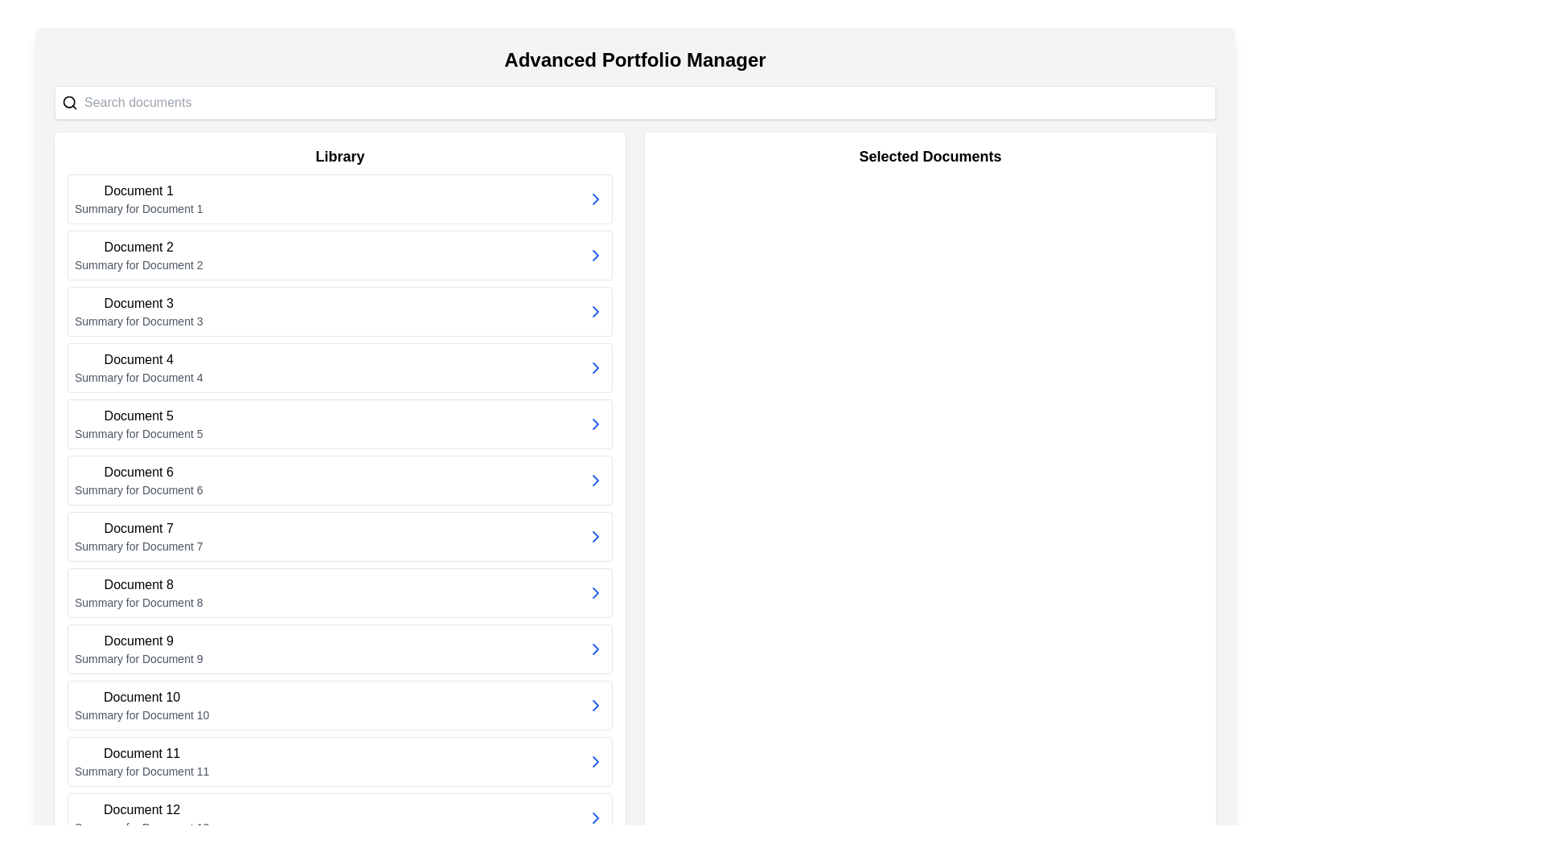 This screenshot has width=1544, height=868. Describe the element at coordinates (594, 592) in the screenshot. I see `the right-facing blue arrow icon located in the 'Library' section, which indicates a forward action for 'Document 9'` at that location.